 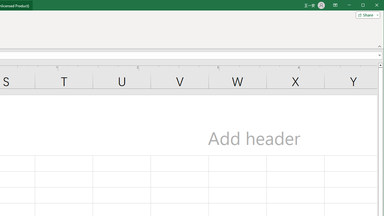 I want to click on 'Maximize', so click(x=371, y=6).